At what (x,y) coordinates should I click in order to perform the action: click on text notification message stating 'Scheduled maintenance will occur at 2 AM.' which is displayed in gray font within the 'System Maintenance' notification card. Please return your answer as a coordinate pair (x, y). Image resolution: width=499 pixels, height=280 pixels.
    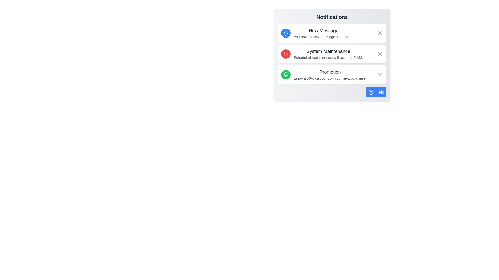
    Looking at the image, I should click on (328, 58).